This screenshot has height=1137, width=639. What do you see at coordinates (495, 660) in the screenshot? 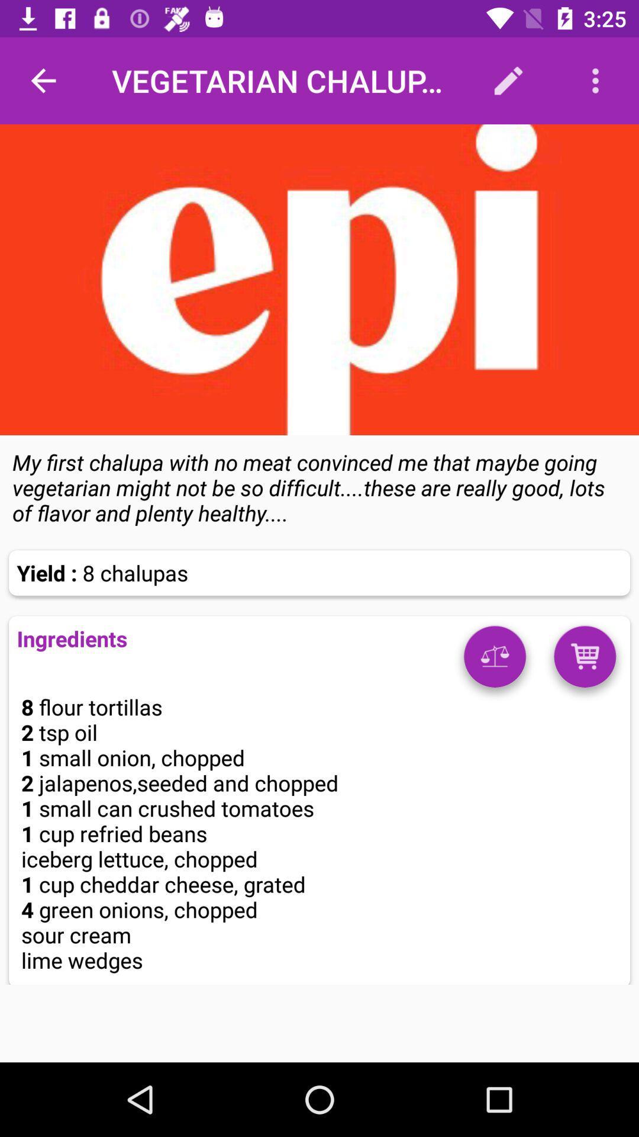
I see `change weight` at bounding box center [495, 660].